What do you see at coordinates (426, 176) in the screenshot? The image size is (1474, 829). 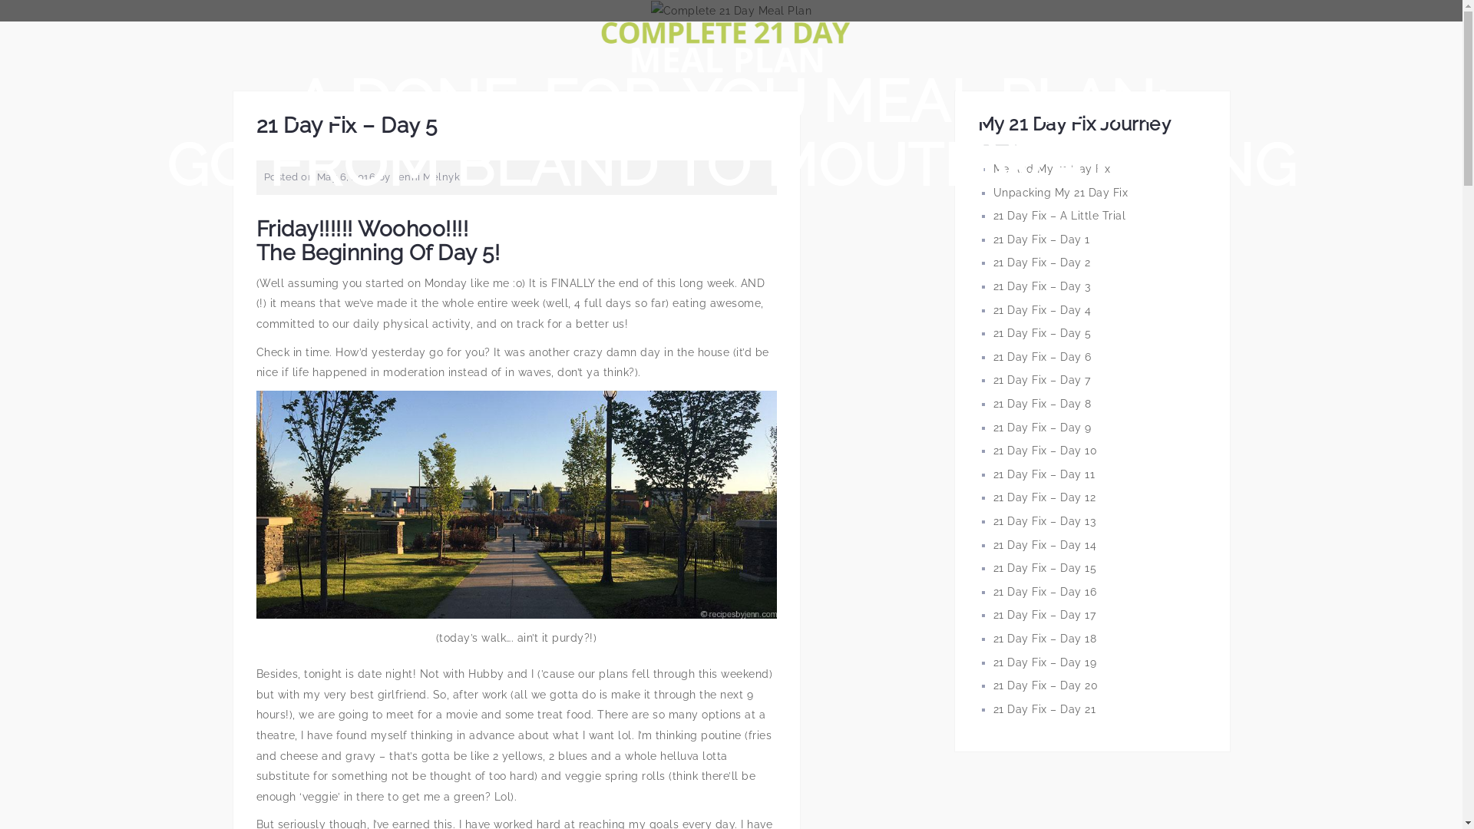 I see `'Jenni Melnyk'` at bounding box center [426, 176].